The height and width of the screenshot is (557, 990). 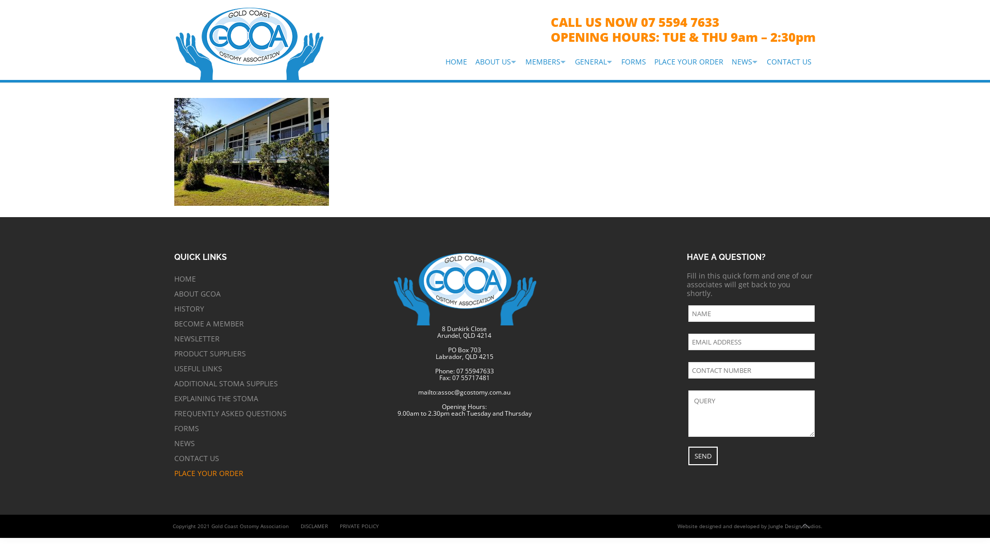 What do you see at coordinates (546, 61) in the screenshot?
I see `'MEMBERS'` at bounding box center [546, 61].